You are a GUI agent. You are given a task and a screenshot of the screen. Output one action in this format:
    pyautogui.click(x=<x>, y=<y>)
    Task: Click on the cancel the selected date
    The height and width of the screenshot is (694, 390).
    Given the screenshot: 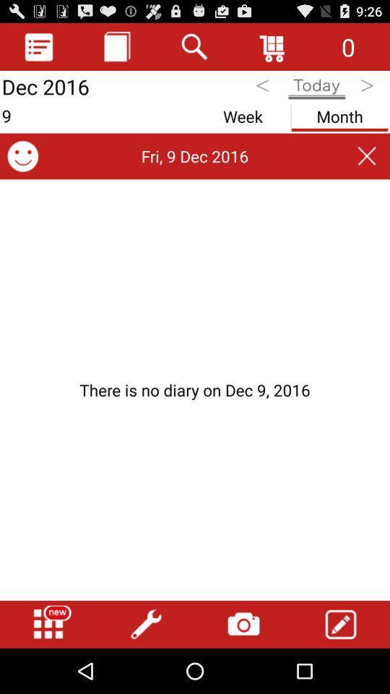 What is the action you would take?
    pyautogui.click(x=367, y=156)
    